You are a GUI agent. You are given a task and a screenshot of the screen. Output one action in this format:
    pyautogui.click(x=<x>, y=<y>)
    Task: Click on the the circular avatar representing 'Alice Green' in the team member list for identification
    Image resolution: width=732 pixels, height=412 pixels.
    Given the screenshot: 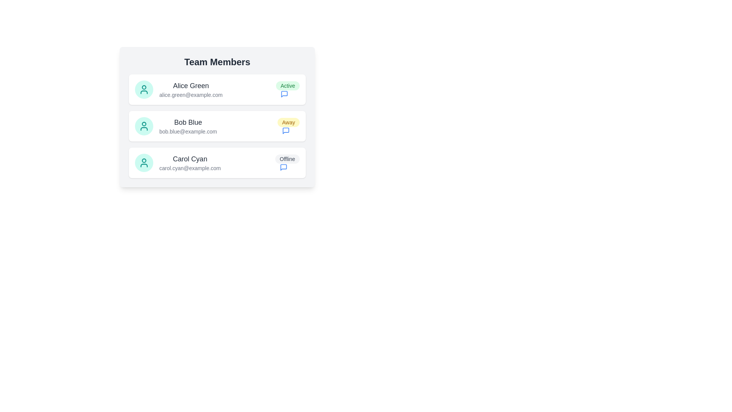 What is the action you would take?
    pyautogui.click(x=144, y=89)
    